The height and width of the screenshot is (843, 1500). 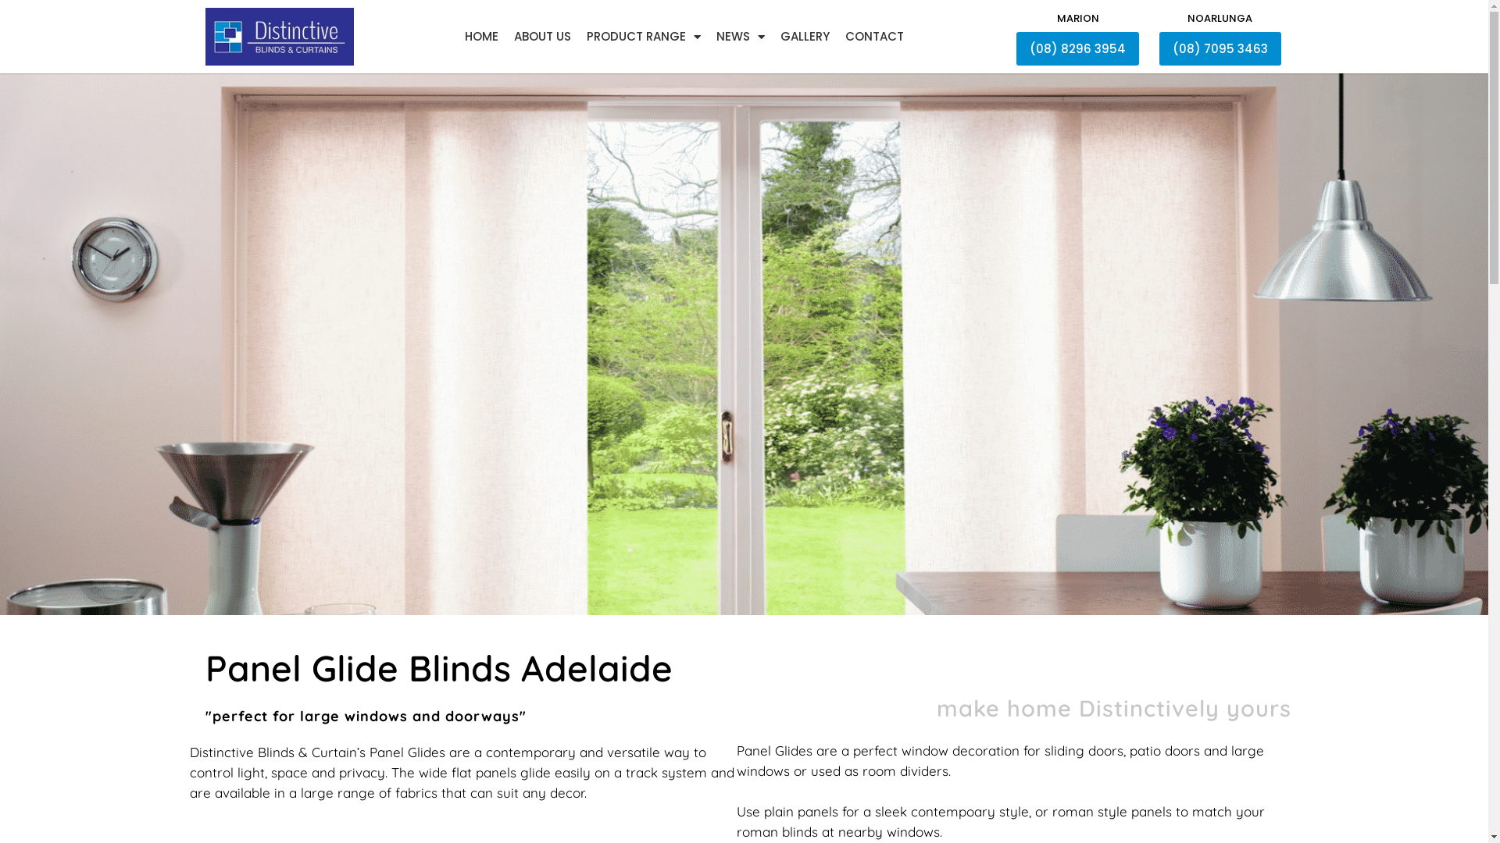 What do you see at coordinates (772, 35) in the screenshot?
I see `'GALLERY'` at bounding box center [772, 35].